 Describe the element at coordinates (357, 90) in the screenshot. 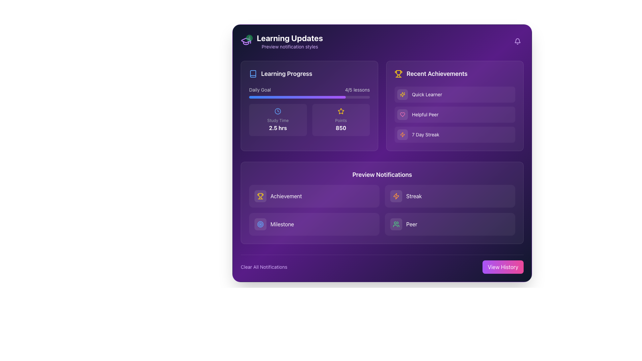

I see `the text label that shows the user's progress toward their daily goal, located in the top-right corner of the 'Daily Goal' section in the 'Learning Progress' panel` at that location.